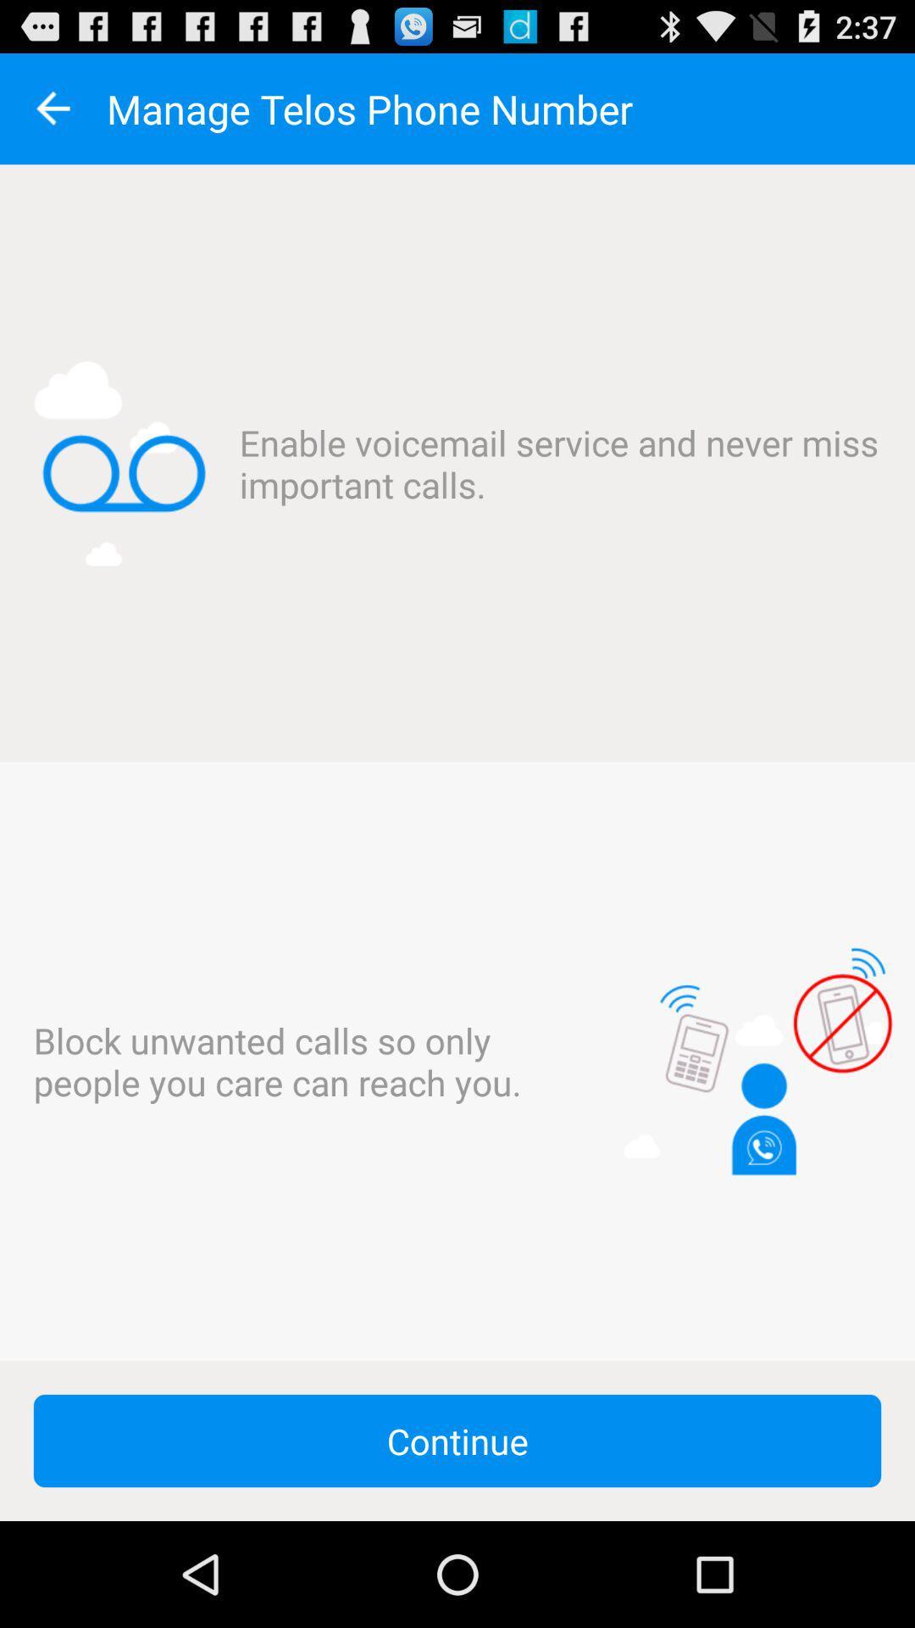  Describe the element at coordinates (457, 1440) in the screenshot. I see `continue at the bottom` at that location.